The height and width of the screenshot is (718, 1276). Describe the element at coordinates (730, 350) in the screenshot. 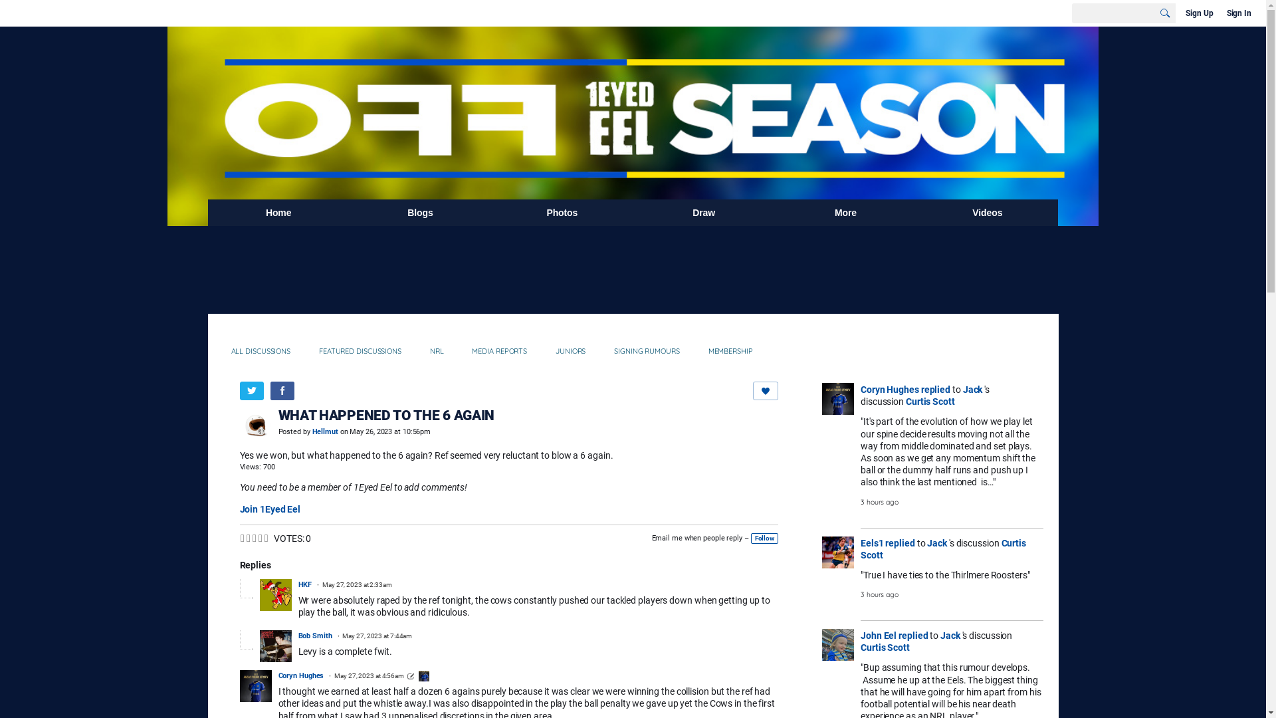

I see `'MEMBERSHIP'` at that location.